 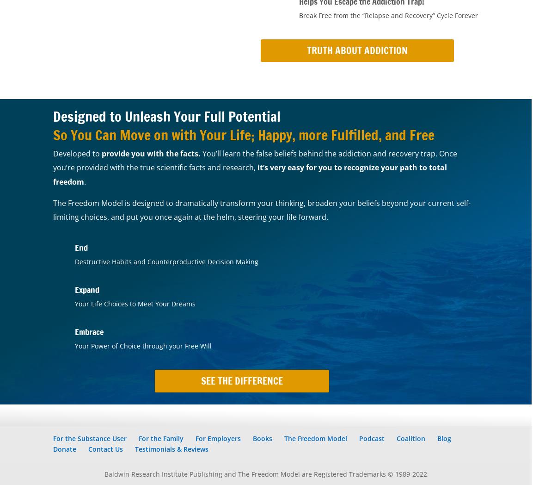 What do you see at coordinates (410, 438) in the screenshot?
I see `'Coalition'` at bounding box center [410, 438].